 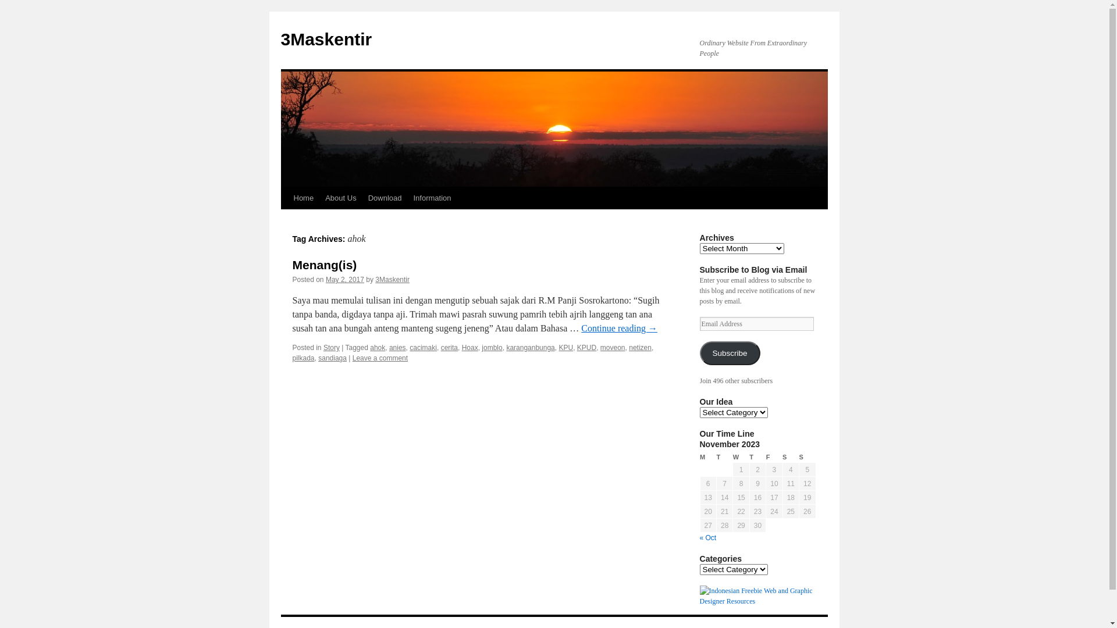 I want to click on 'cerita', so click(x=449, y=347).